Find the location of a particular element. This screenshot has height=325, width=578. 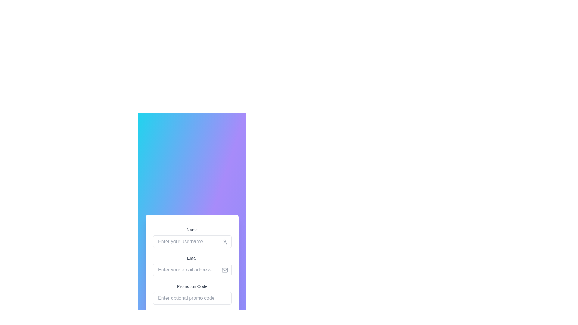

the Text label that indicates the associated input field for entering an email address, which is located directly above the 'Enter your email address' input field is located at coordinates (192, 258).